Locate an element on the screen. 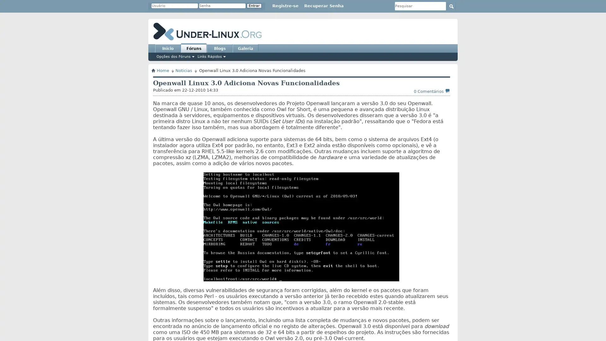 This screenshot has width=606, height=341. Submit is located at coordinates (451, 6).